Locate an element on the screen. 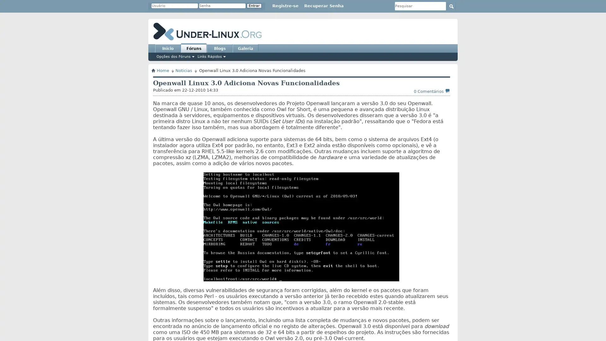 This screenshot has width=606, height=341. Submit is located at coordinates (451, 6).